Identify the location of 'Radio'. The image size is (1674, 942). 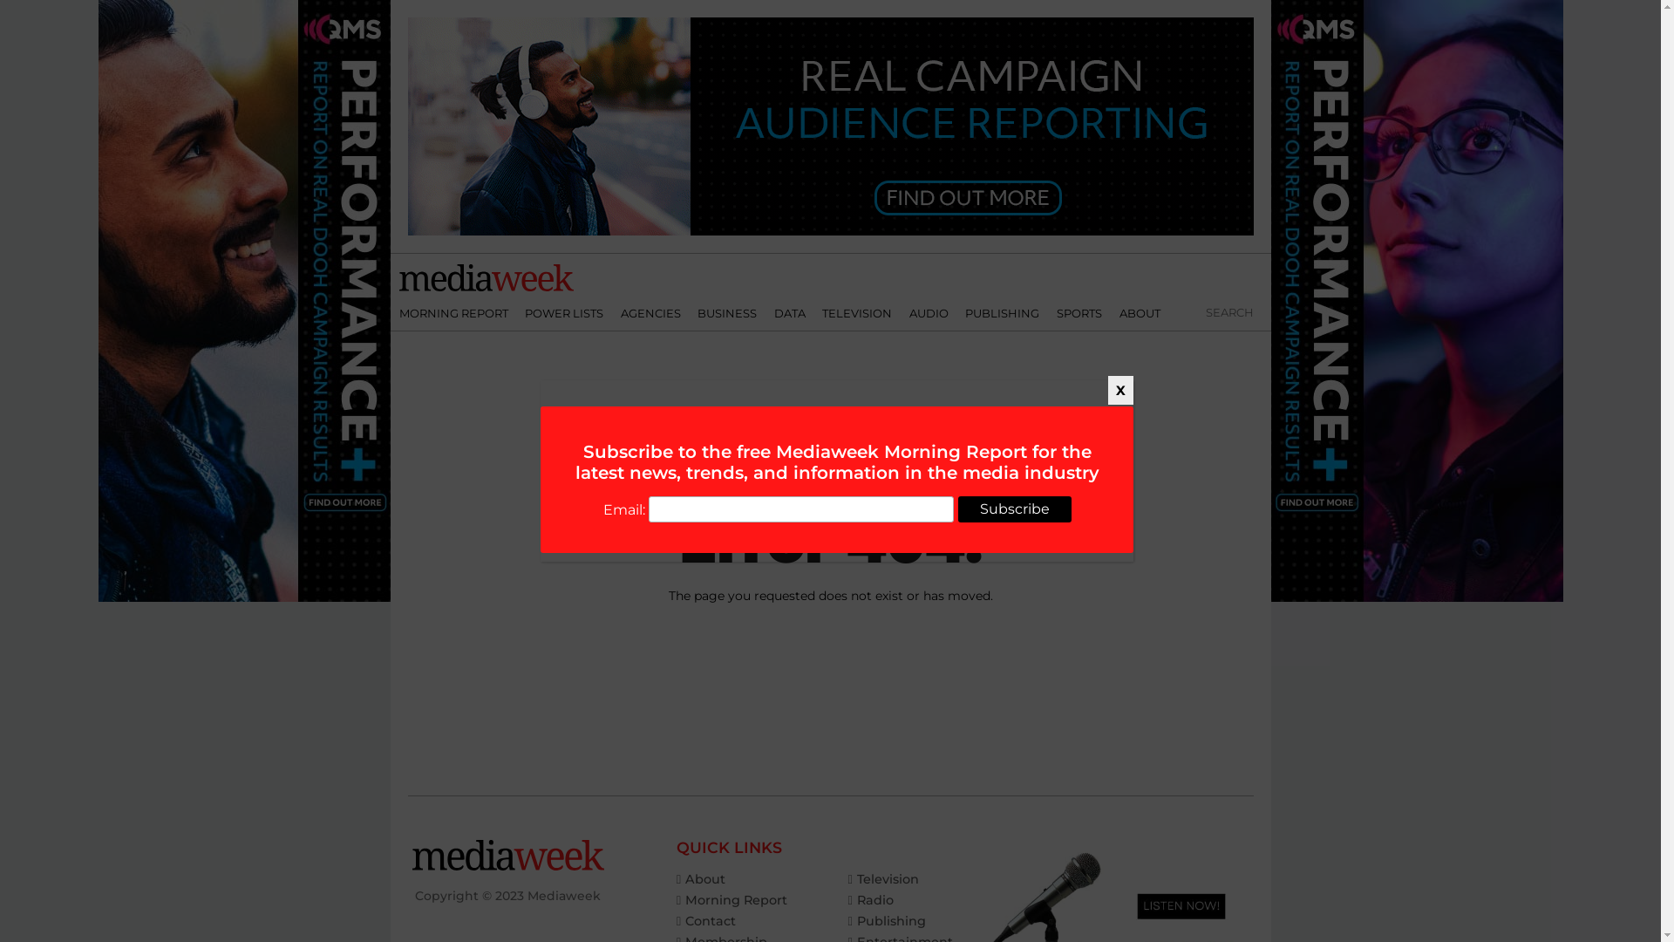
(870, 900).